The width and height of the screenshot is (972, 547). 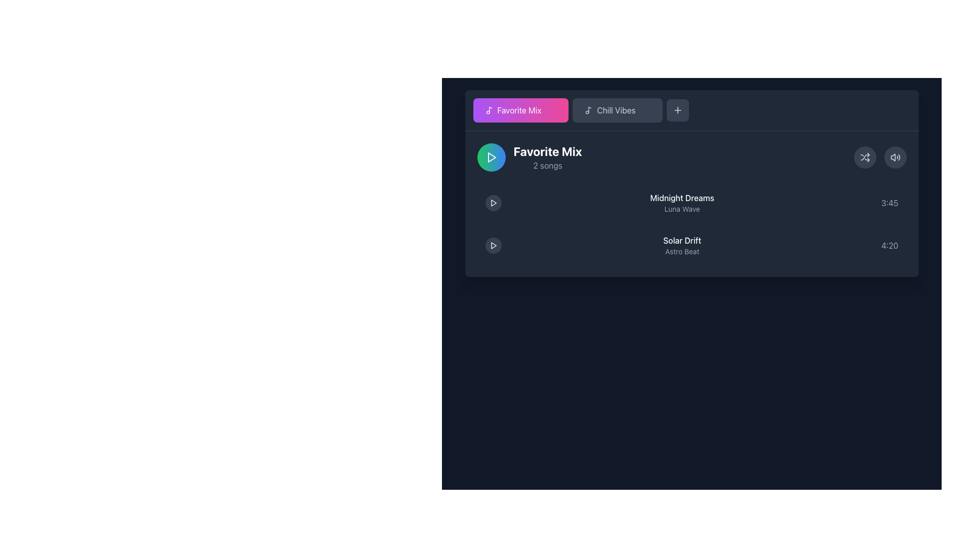 I want to click on the circular button located in the top-left corner of the 'Favorite Mix 2 songs' section, so click(x=491, y=158).